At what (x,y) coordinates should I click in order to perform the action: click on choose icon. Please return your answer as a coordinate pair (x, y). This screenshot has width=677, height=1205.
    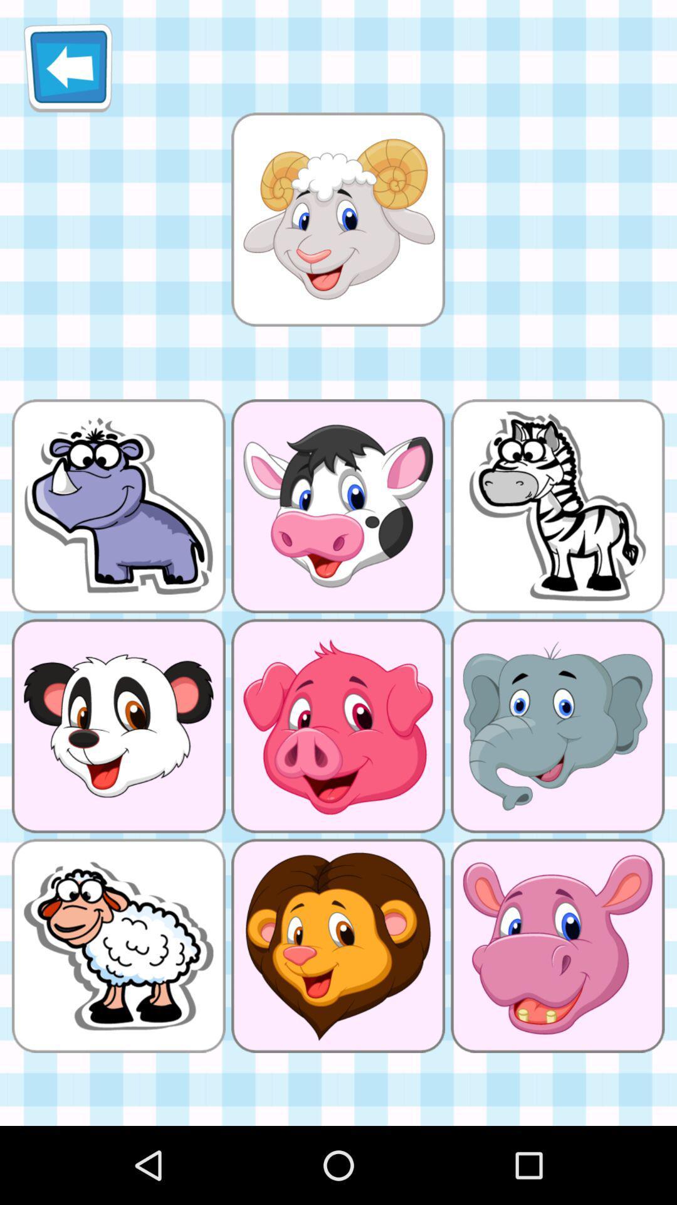
    Looking at the image, I should click on (337, 219).